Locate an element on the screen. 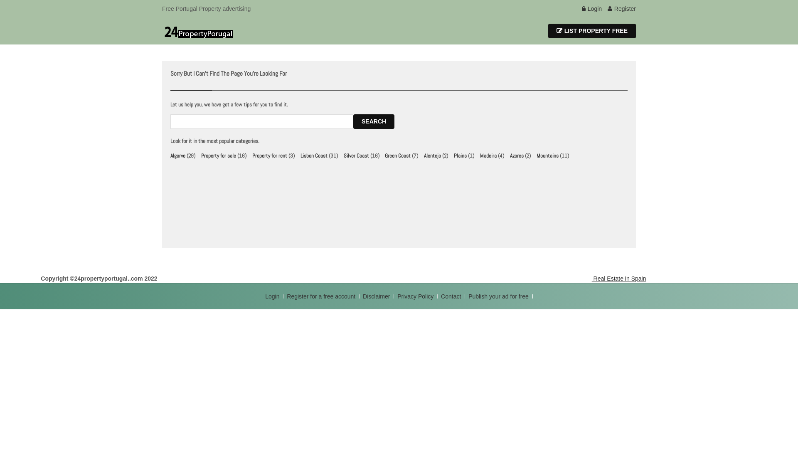  'Privacy Policy' is located at coordinates (416, 296).